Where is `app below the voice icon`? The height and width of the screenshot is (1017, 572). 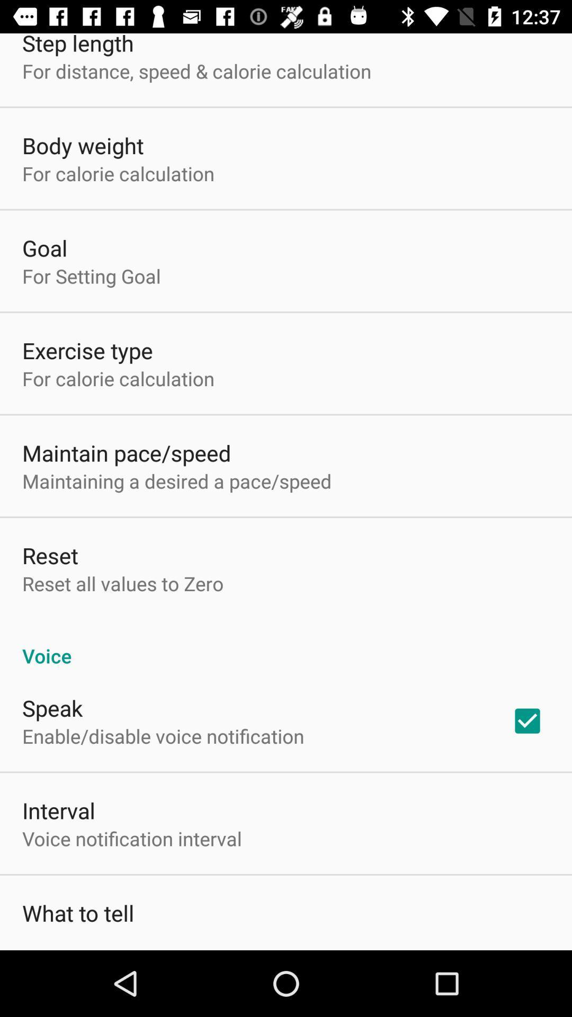 app below the voice icon is located at coordinates (527, 720).